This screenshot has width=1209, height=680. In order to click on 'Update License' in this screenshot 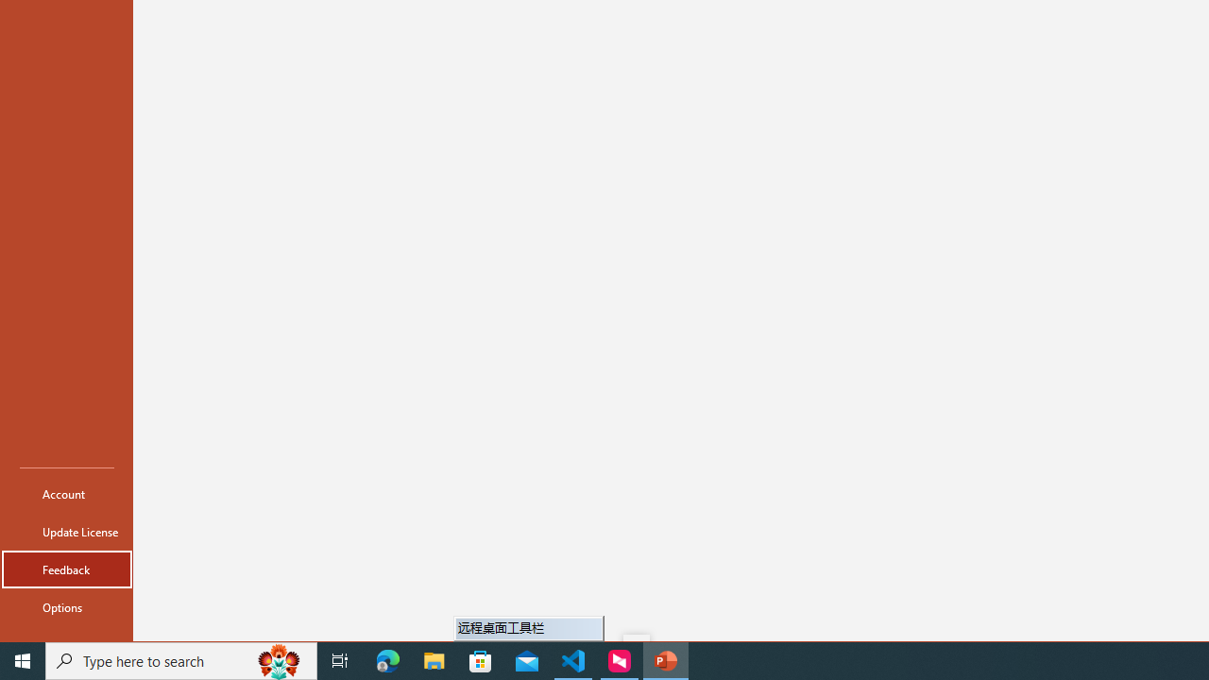, I will do `click(67, 532)`.